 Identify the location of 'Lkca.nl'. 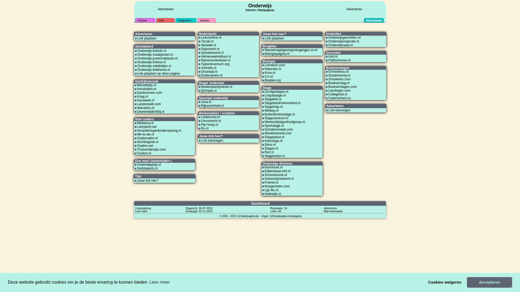
(206, 102).